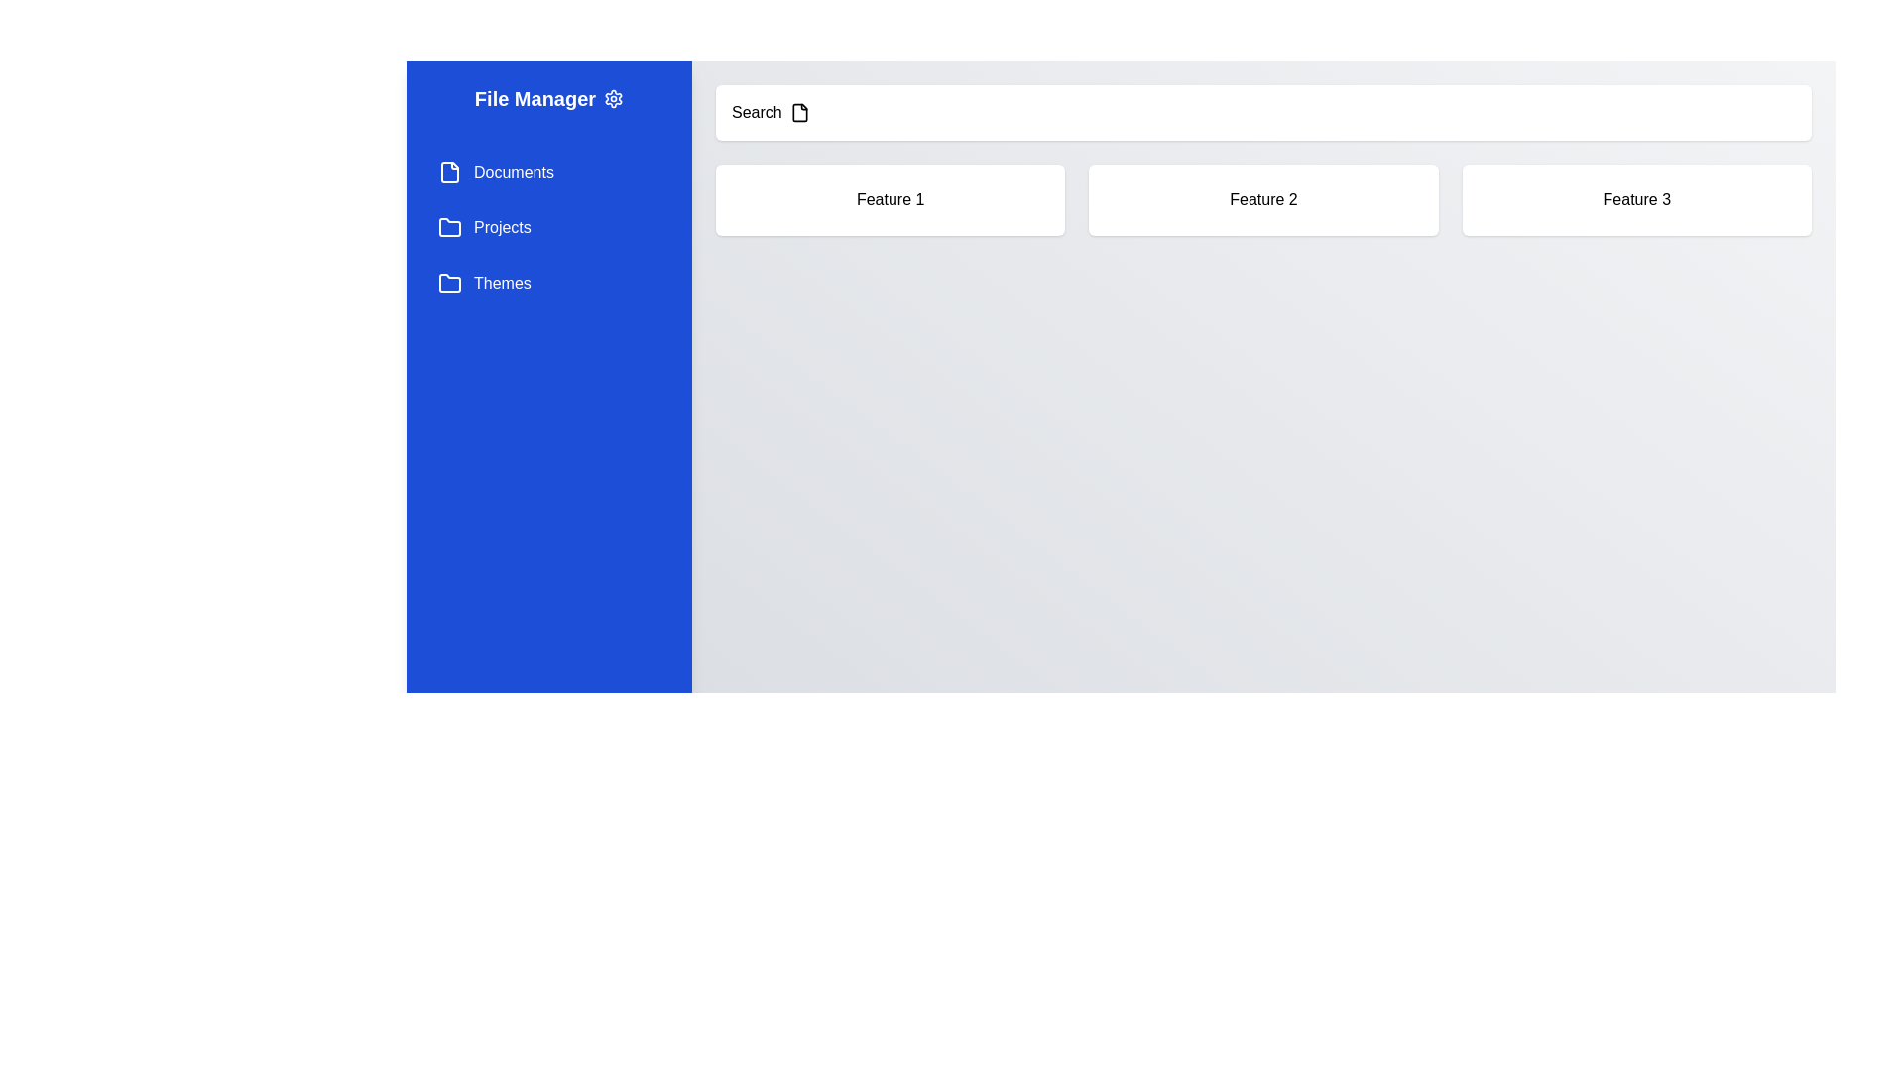 Image resolution: width=1904 pixels, height=1071 pixels. Describe the element at coordinates (548, 171) in the screenshot. I see `the sidebar item Documents to navigate to the respective section` at that location.